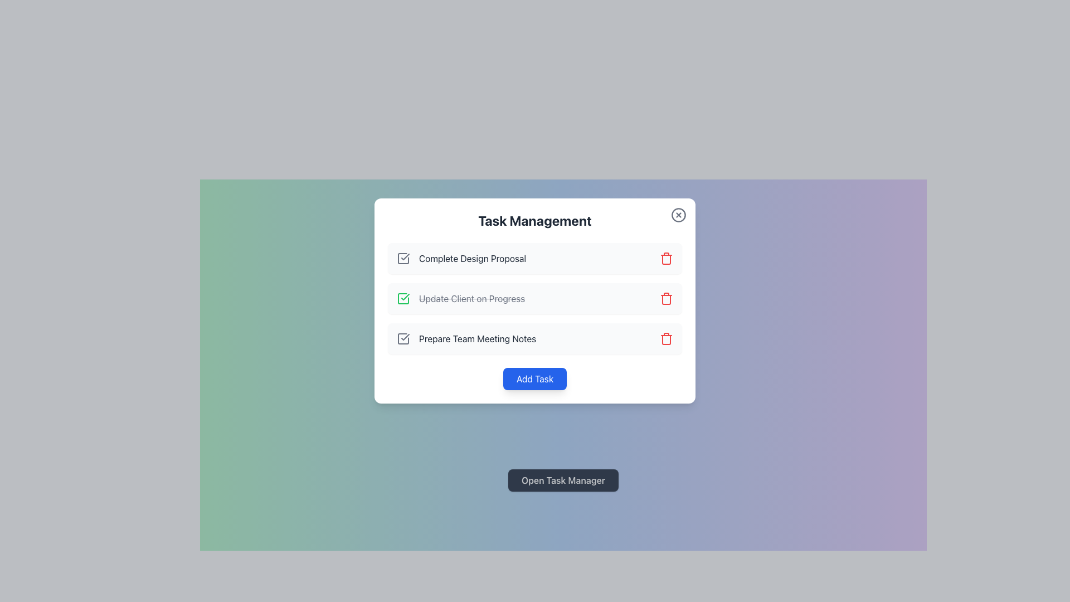  Describe the element at coordinates (678, 215) in the screenshot. I see `the close button located in the top-right corner of the 'Task Management' interface to exit or dismiss the interface` at that location.